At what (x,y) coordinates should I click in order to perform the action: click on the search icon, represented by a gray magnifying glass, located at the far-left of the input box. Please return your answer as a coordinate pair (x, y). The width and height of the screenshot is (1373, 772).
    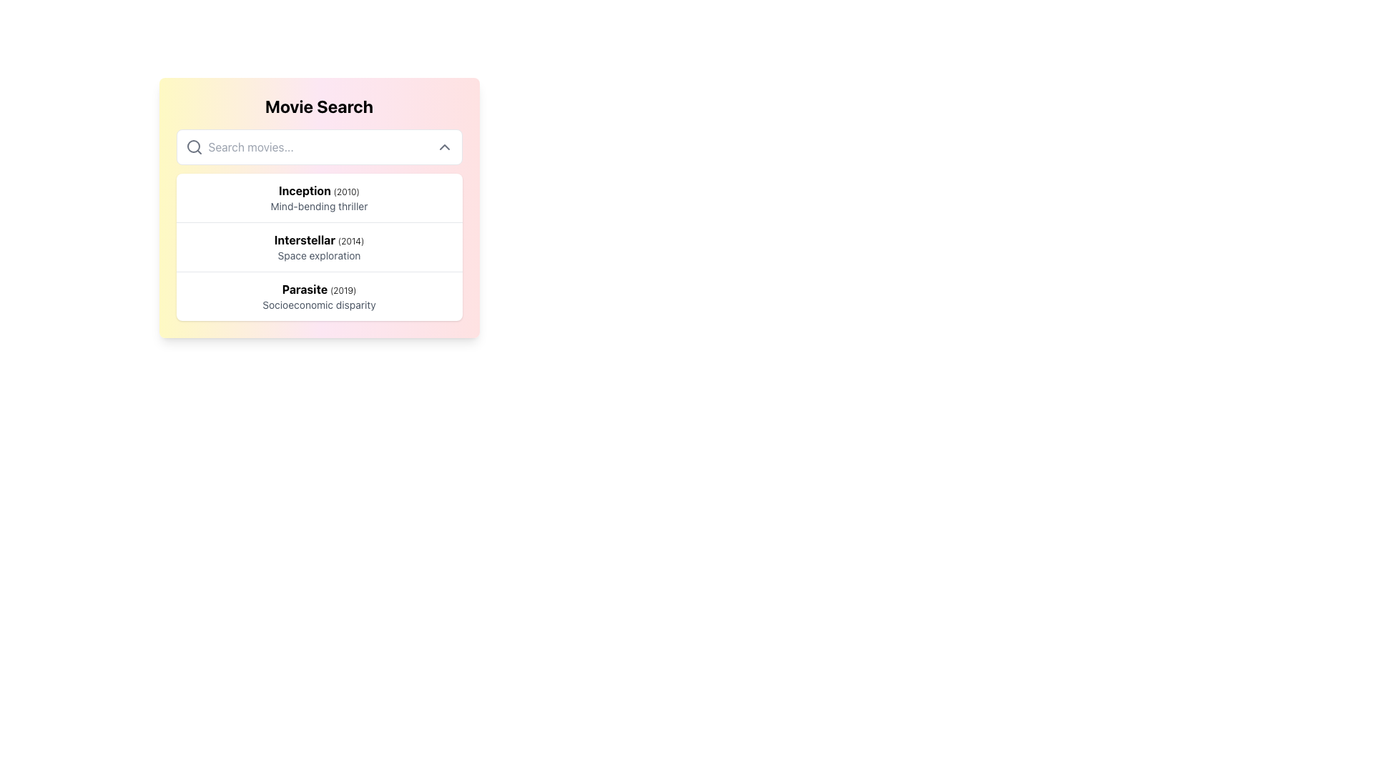
    Looking at the image, I should click on (193, 147).